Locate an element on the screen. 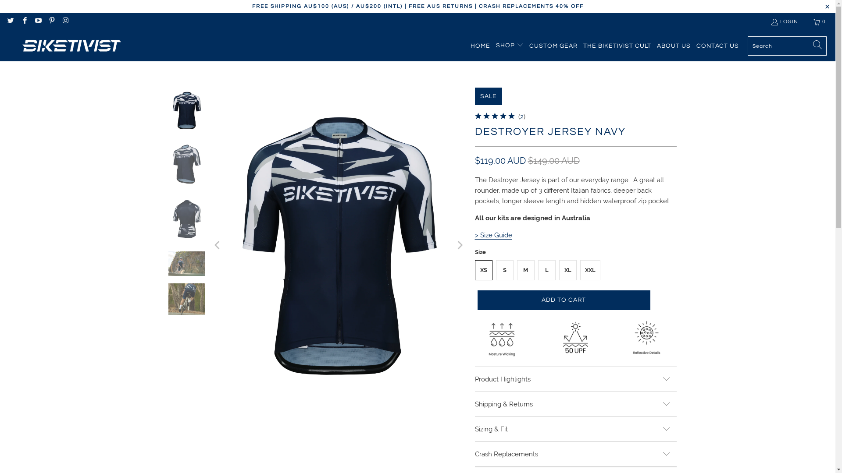 This screenshot has width=842, height=473. 'Biketivist on Facebook' is located at coordinates (24, 21).